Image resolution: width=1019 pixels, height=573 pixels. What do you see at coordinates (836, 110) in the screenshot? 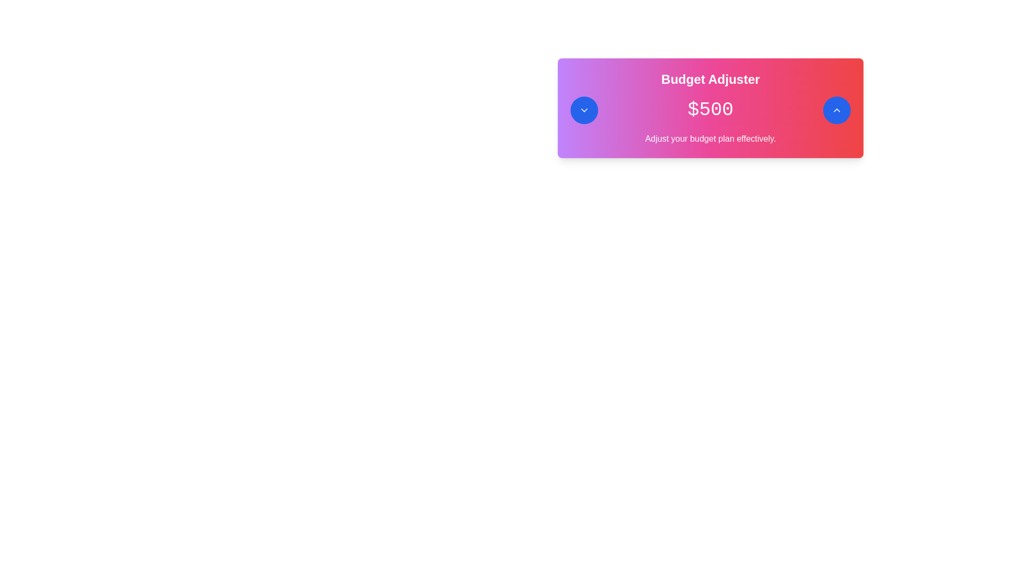
I see `the upward chevron button, which is the rightmost component in a horizontal layout, to increase the value or move upwards in a sequence` at bounding box center [836, 110].